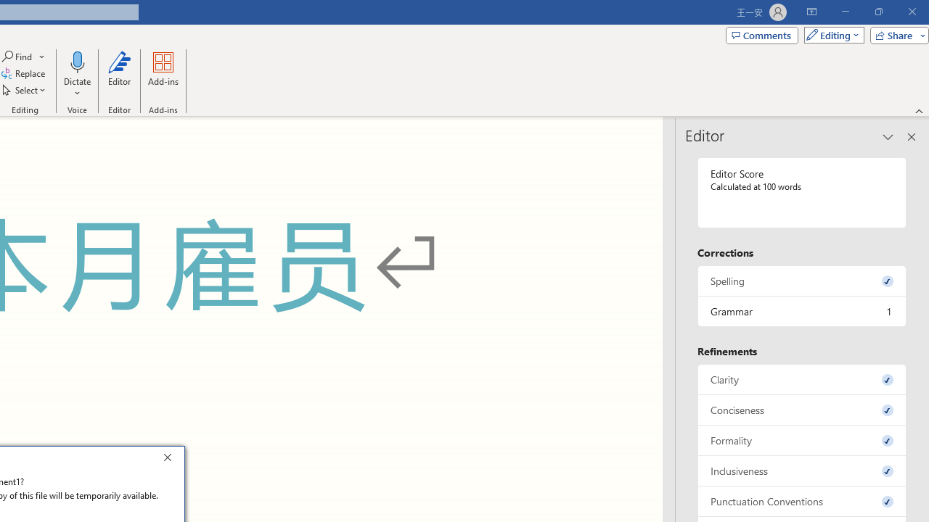 The height and width of the screenshot is (522, 929). I want to click on 'Grammar, 1 issue. Press space or enter to review items.', so click(801, 310).